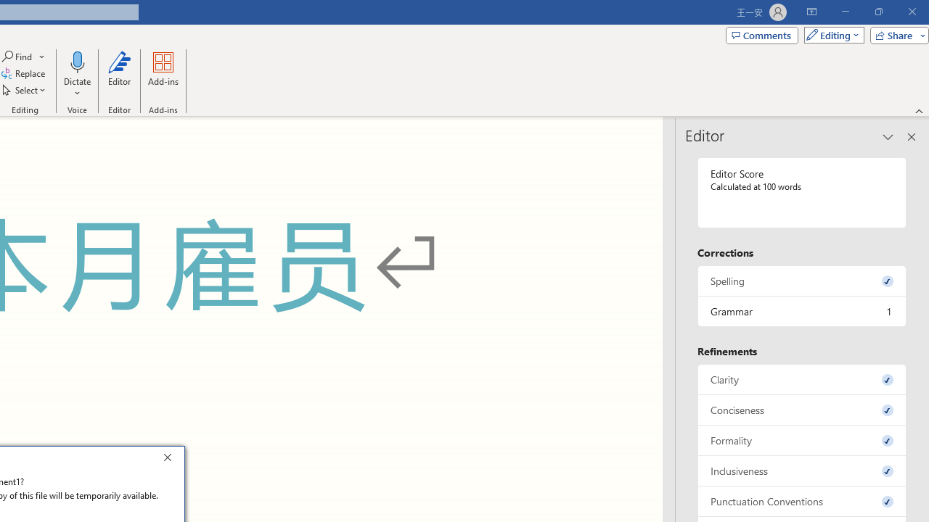 The height and width of the screenshot is (522, 929). I want to click on 'Grammar, 1 issue. Press space or enter to review items.', so click(801, 310).